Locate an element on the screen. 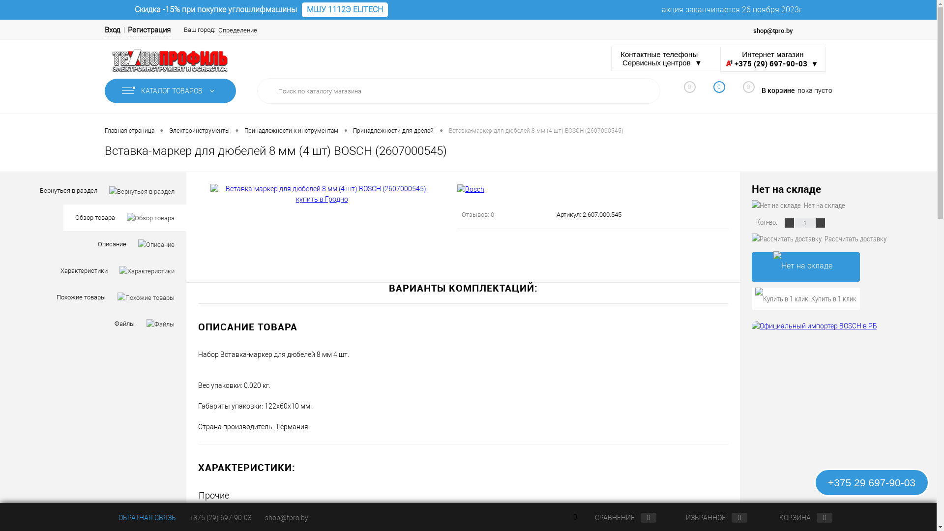 Image resolution: width=944 pixels, height=531 pixels. '0' is located at coordinates (743, 91).